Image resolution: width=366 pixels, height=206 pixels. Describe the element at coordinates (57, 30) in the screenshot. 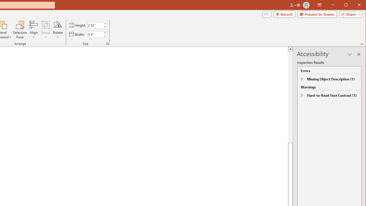

I see `'Rotate'` at that location.